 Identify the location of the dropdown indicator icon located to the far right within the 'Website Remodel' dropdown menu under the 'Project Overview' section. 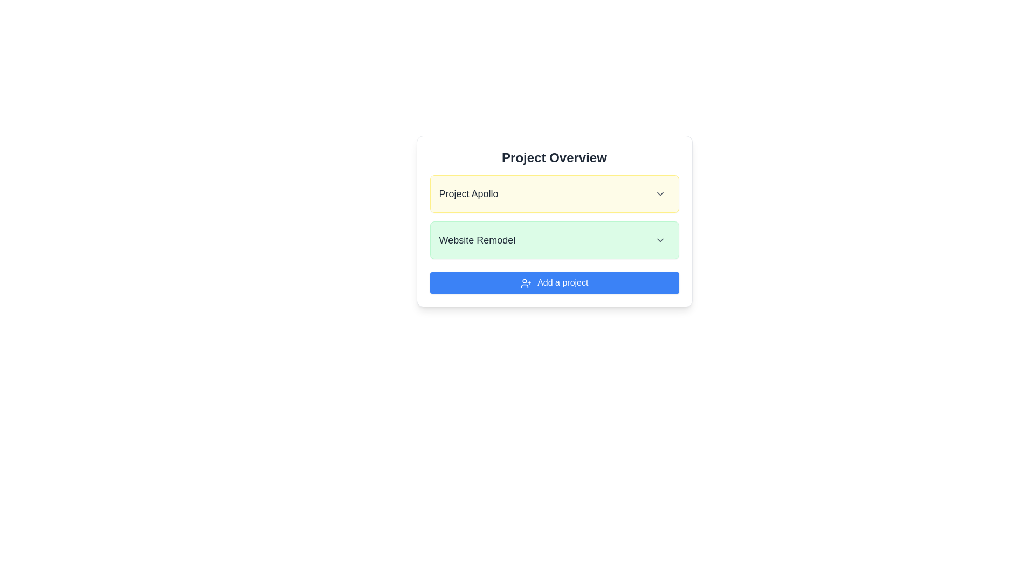
(659, 240).